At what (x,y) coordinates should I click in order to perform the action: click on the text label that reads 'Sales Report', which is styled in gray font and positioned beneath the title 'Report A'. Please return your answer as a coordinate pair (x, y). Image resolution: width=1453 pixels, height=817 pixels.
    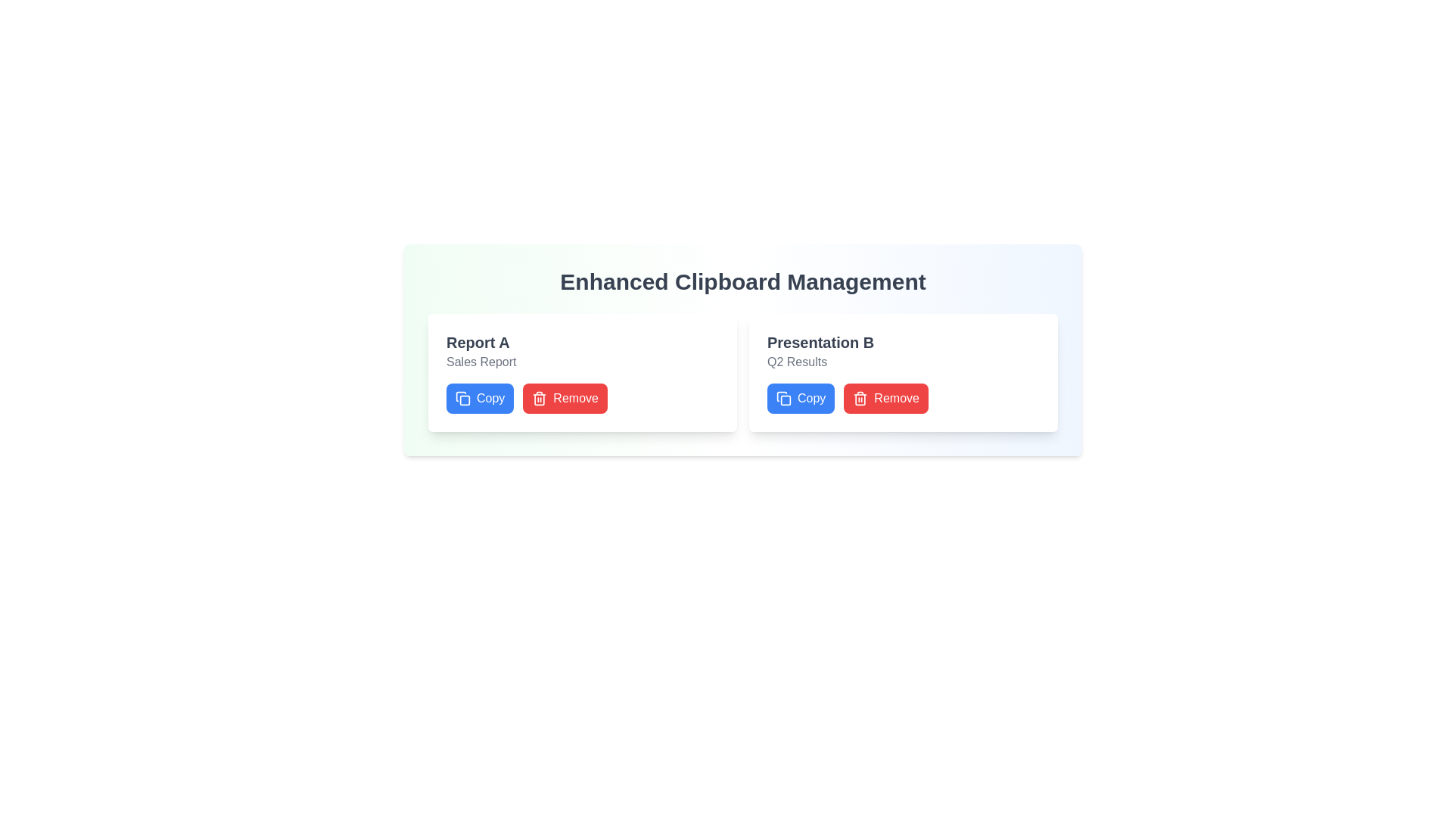
    Looking at the image, I should click on (481, 362).